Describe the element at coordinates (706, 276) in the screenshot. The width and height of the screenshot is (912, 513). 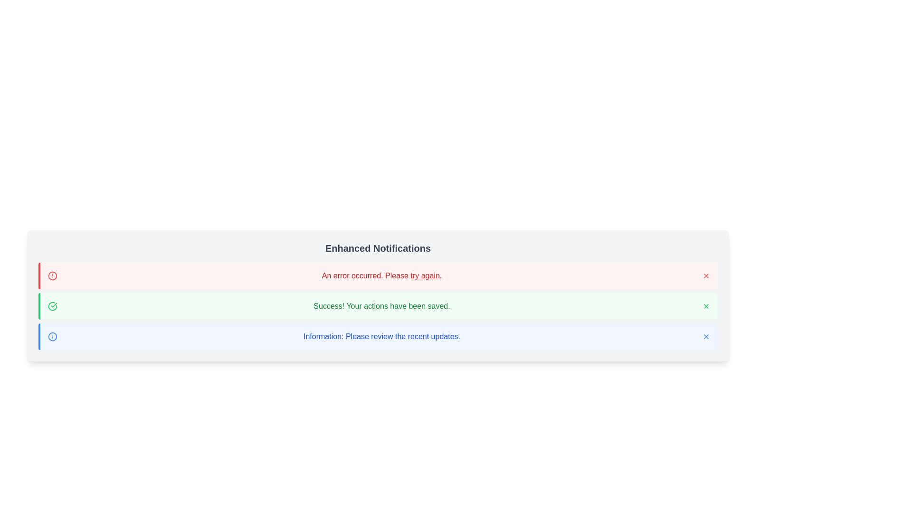
I see `the Close Button (Interactive Icon) located at the top-right corner of the notification box displaying the error message 'An error occurred. Please try again.'` at that location.